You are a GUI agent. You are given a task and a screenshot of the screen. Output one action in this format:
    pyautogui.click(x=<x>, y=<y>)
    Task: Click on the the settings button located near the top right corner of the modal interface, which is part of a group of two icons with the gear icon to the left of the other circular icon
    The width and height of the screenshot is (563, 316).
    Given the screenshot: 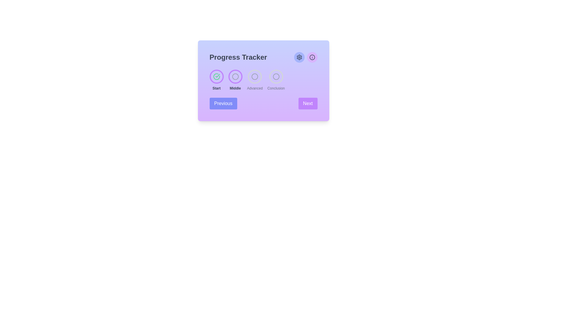 What is the action you would take?
    pyautogui.click(x=299, y=57)
    